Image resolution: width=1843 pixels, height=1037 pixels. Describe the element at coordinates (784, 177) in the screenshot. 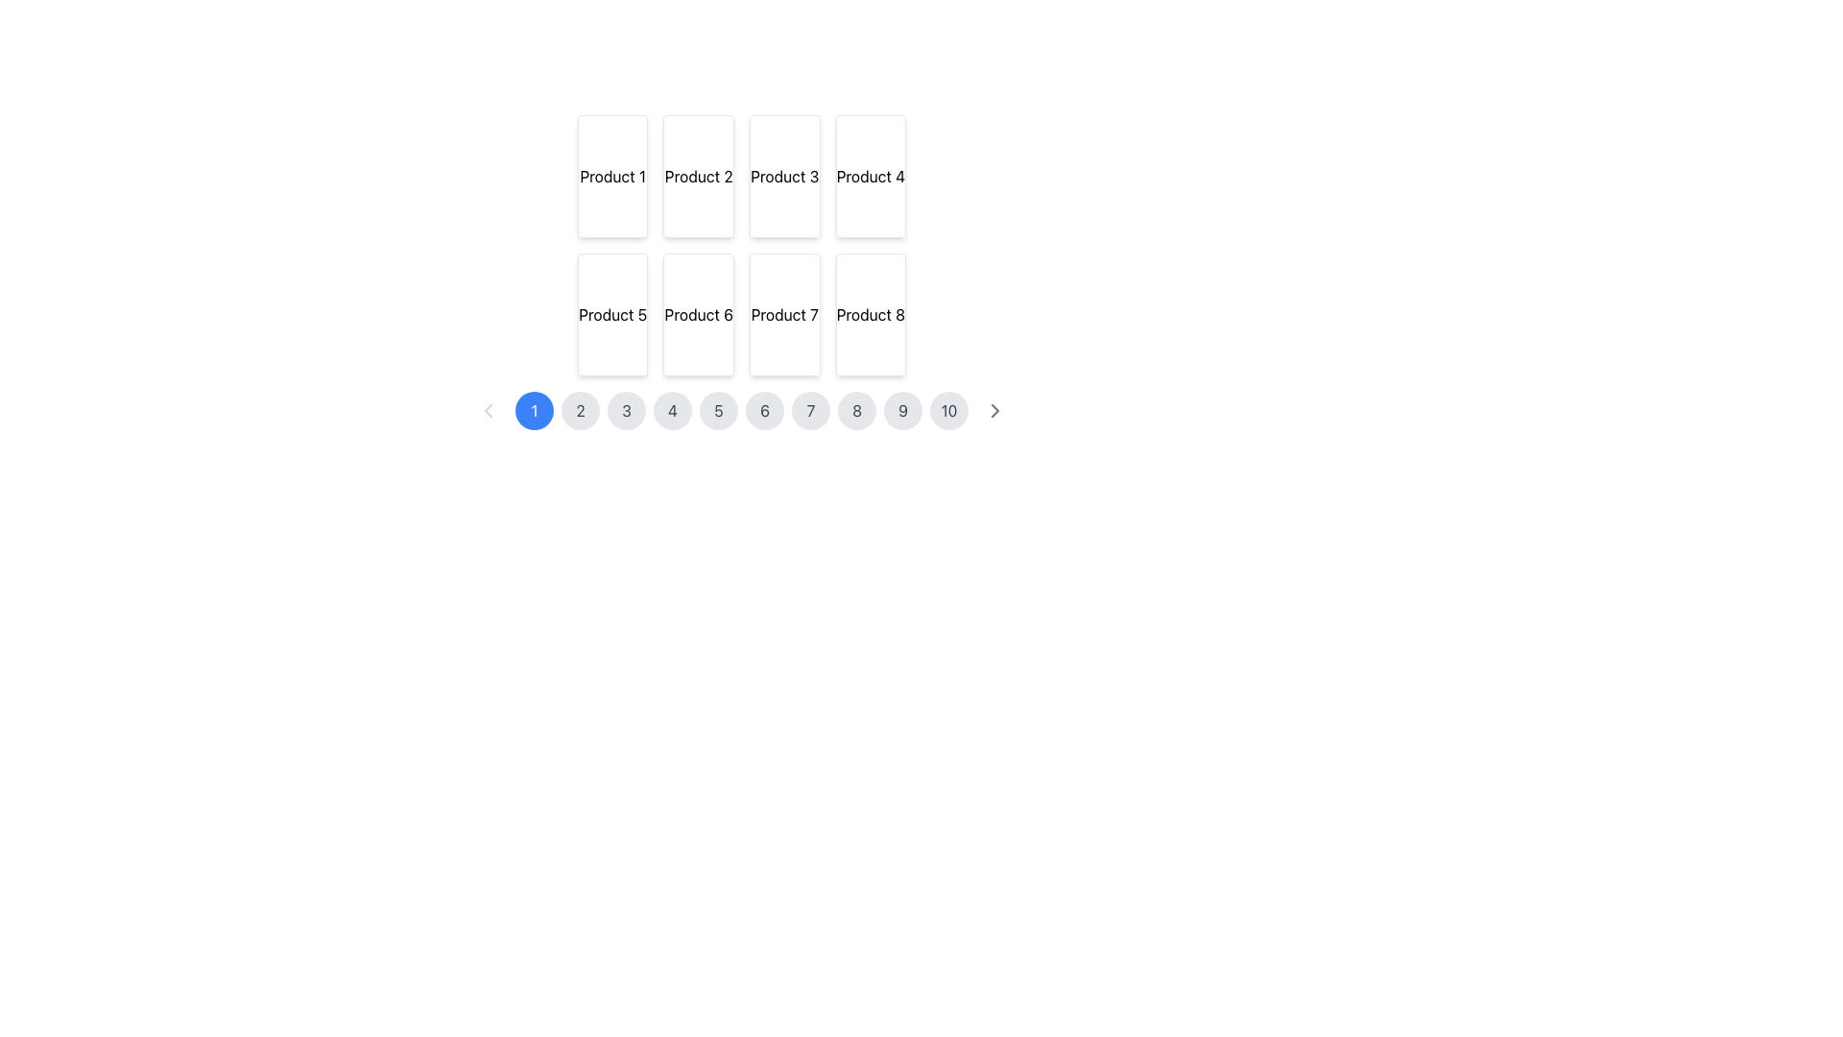

I see `the third display card representing a product item in the first row of a 4-column grid layout, located between 'Product 2' and 'Product 4'` at that location.